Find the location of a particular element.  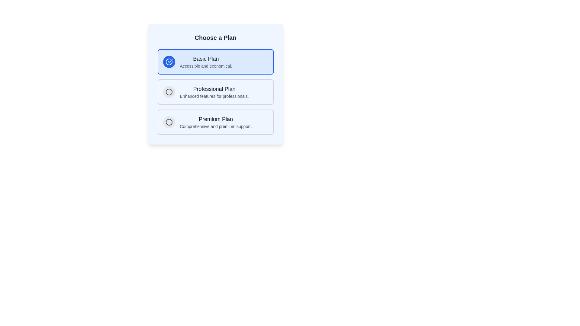

to select the 'Premium Plan' card, which is the third option in the subscription plan group, located below the 'Professional Plan' card is located at coordinates (216, 122).